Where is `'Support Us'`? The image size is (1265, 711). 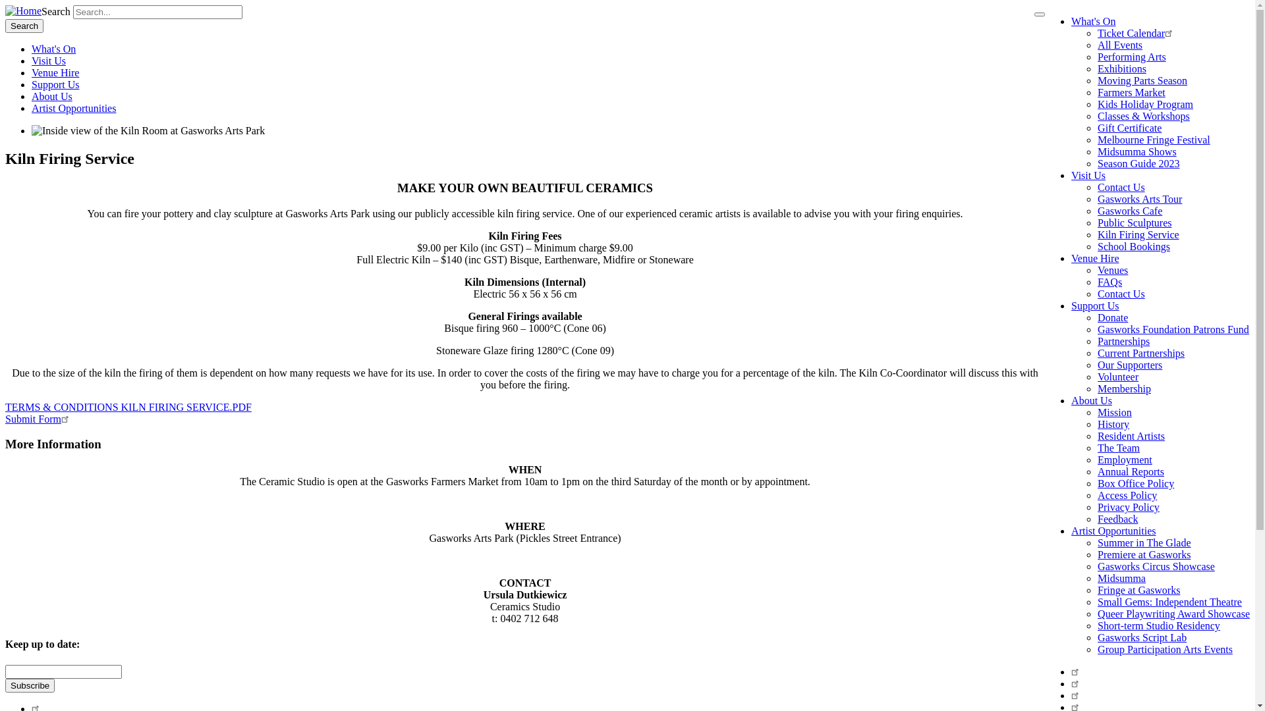 'Support Us' is located at coordinates (1094, 305).